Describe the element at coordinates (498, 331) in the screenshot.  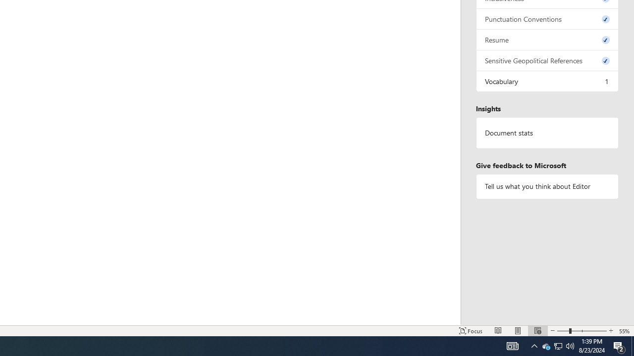
I see `'Read Mode'` at that location.